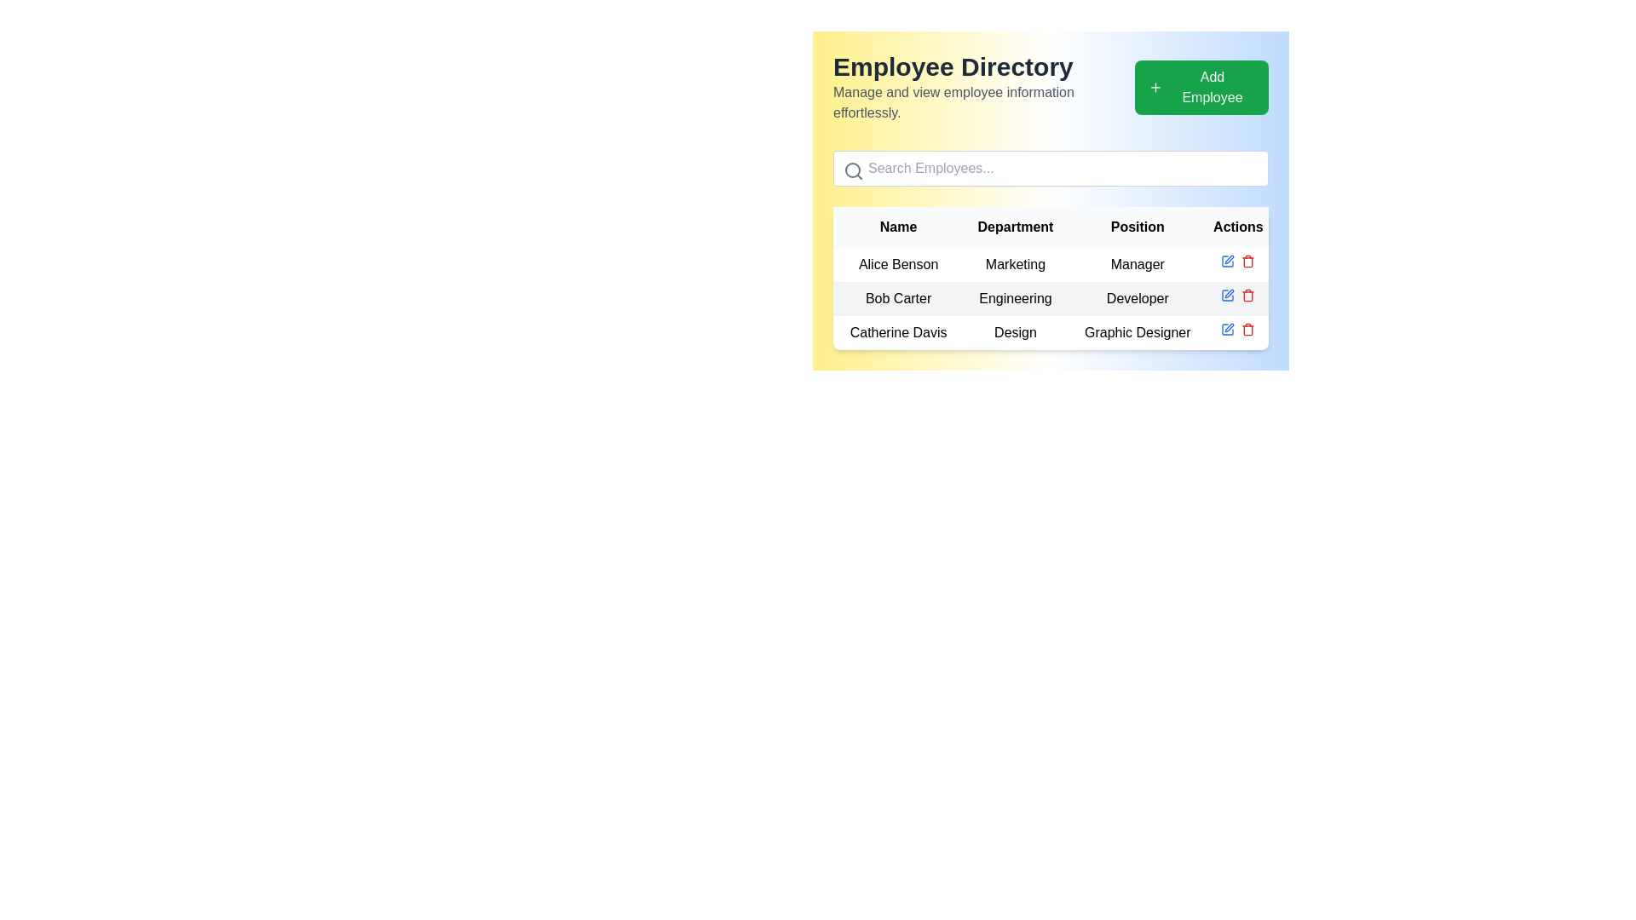 This screenshot has width=1636, height=920. I want to click on the edit icon button located in the 'Actions' column of the third row next to 'Catherine Davis', so click(1230, 328).